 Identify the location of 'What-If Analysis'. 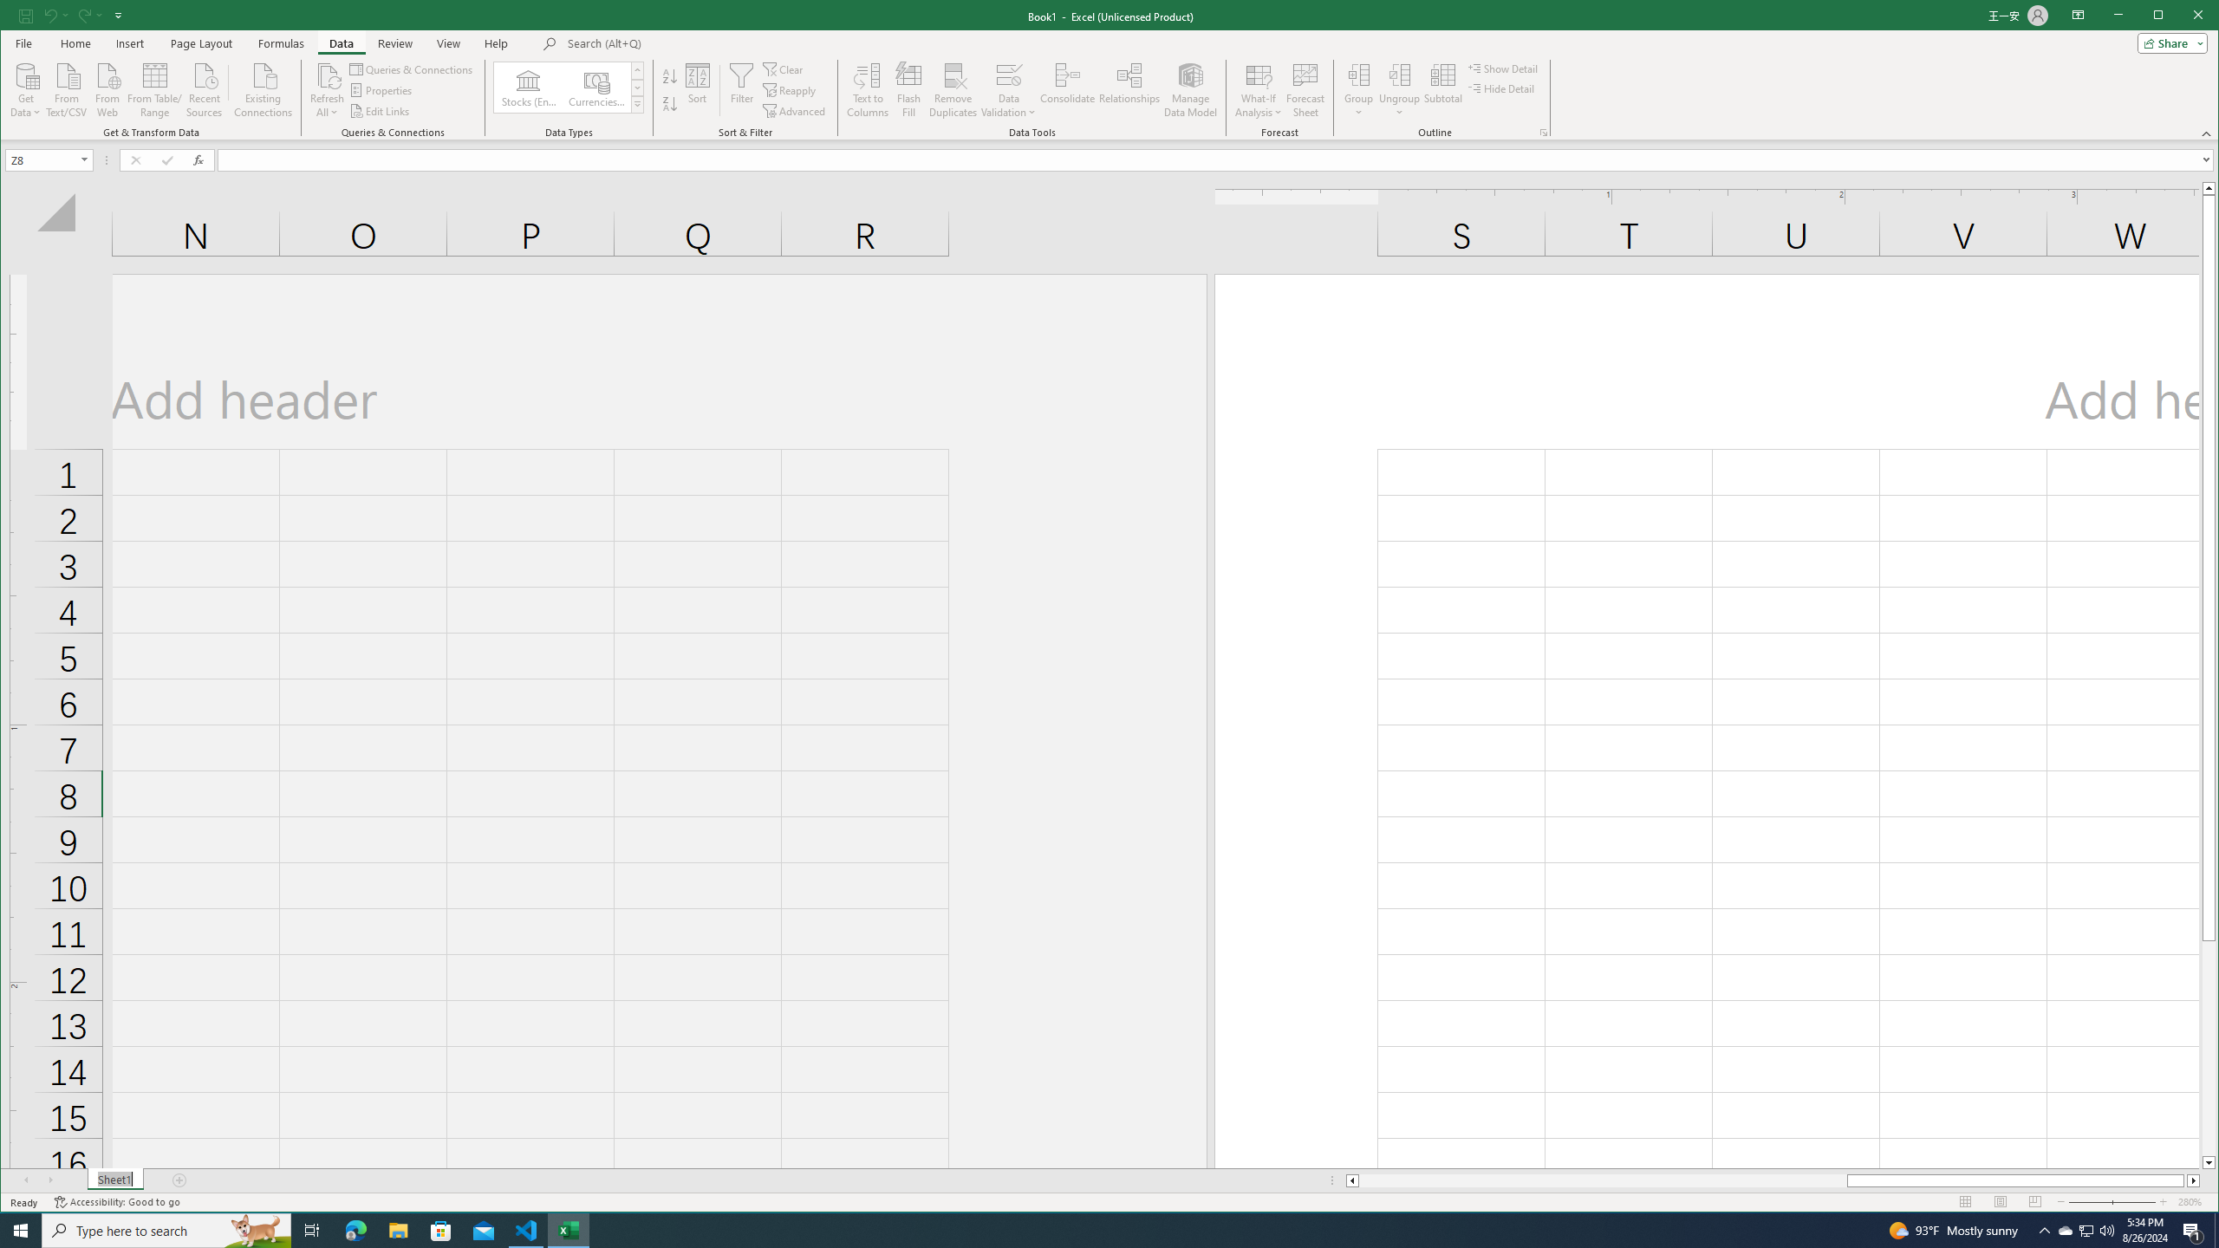
(1258, 89).